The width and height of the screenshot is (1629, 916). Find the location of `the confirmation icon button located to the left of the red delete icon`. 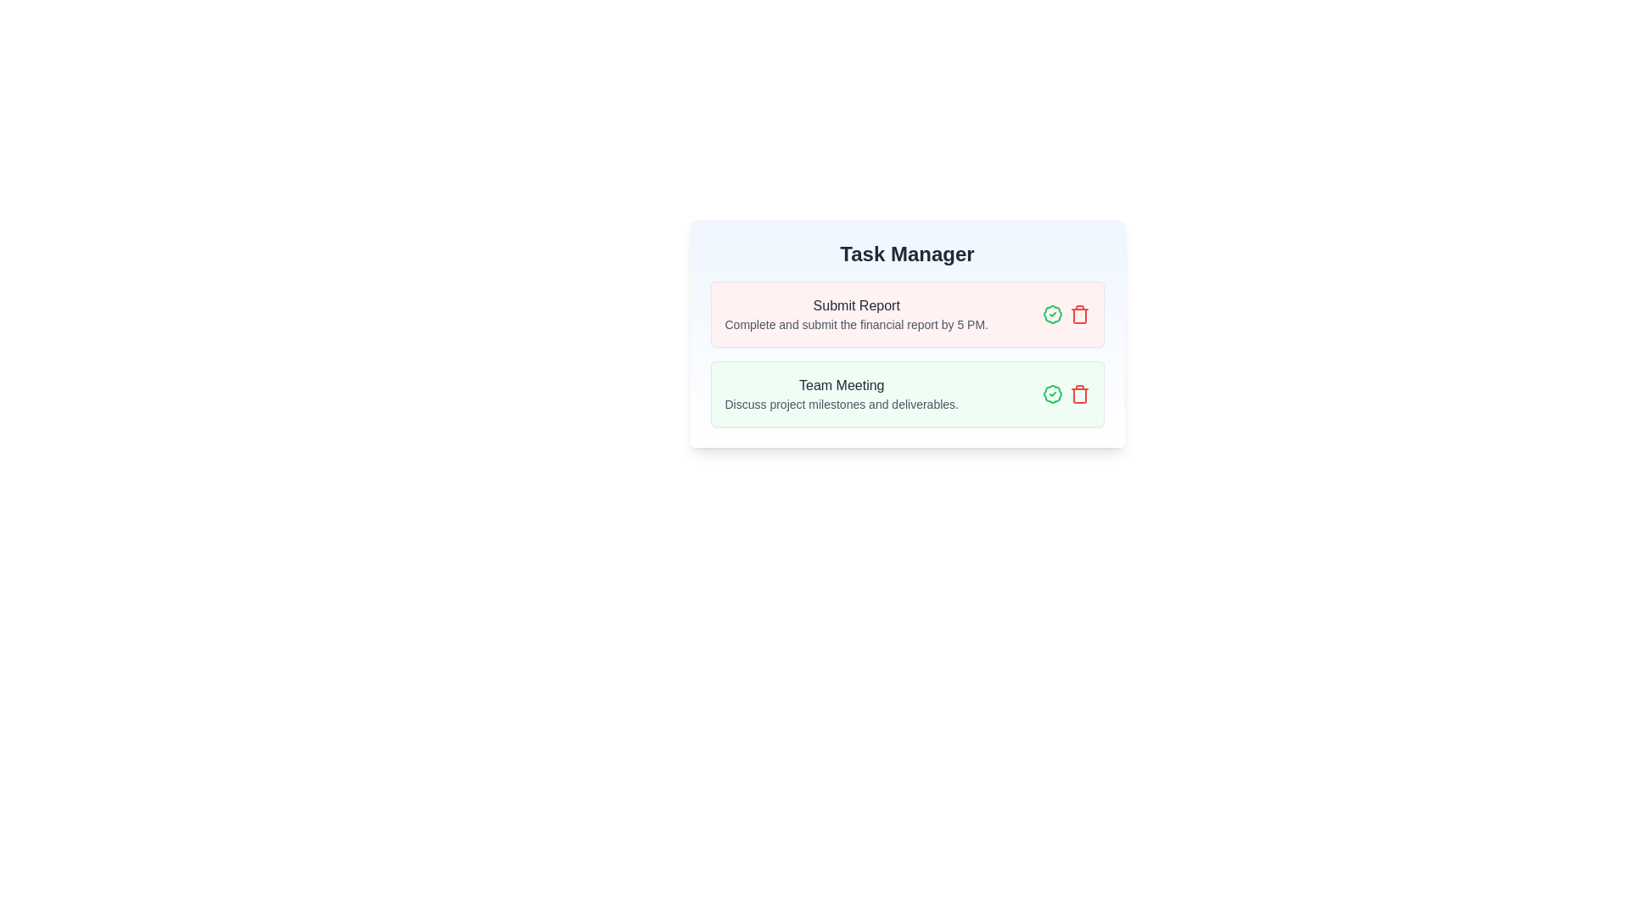

the confirmation icon button located to the left of the red delete icon is located at coordinates (1051, 394).